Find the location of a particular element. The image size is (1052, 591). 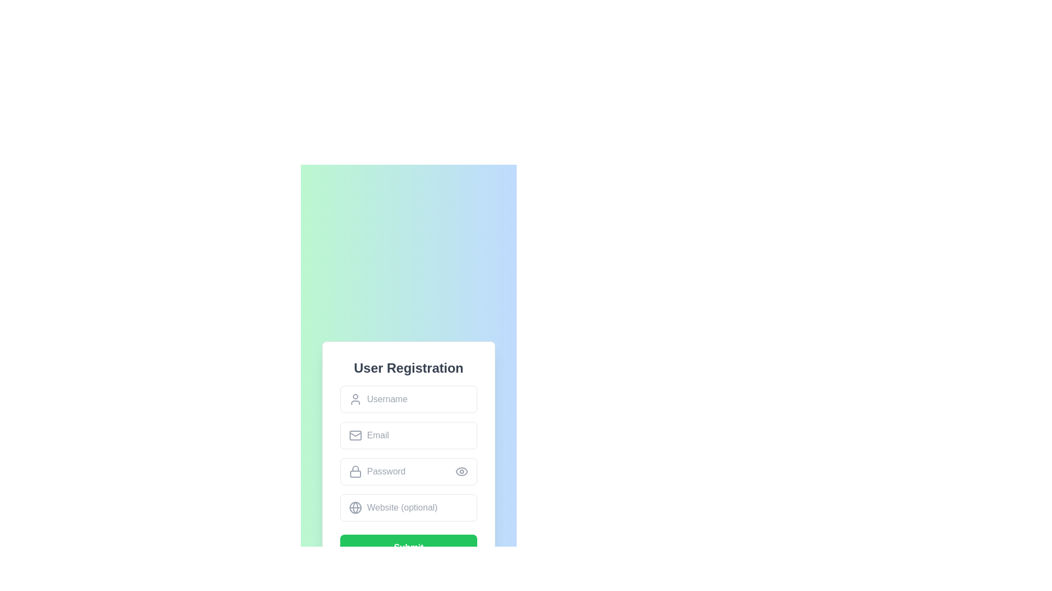

the vertical form layout of input fields in the 'User Registration' modal to activate the focus effect is located at coordinates (408, 454).